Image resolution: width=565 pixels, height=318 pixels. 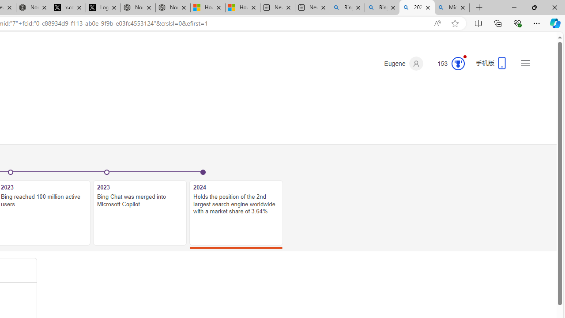 What do you see at coordinates (403, 63) in the screenshot?
I see `'Eugene'` at bounding box center [403, 63].